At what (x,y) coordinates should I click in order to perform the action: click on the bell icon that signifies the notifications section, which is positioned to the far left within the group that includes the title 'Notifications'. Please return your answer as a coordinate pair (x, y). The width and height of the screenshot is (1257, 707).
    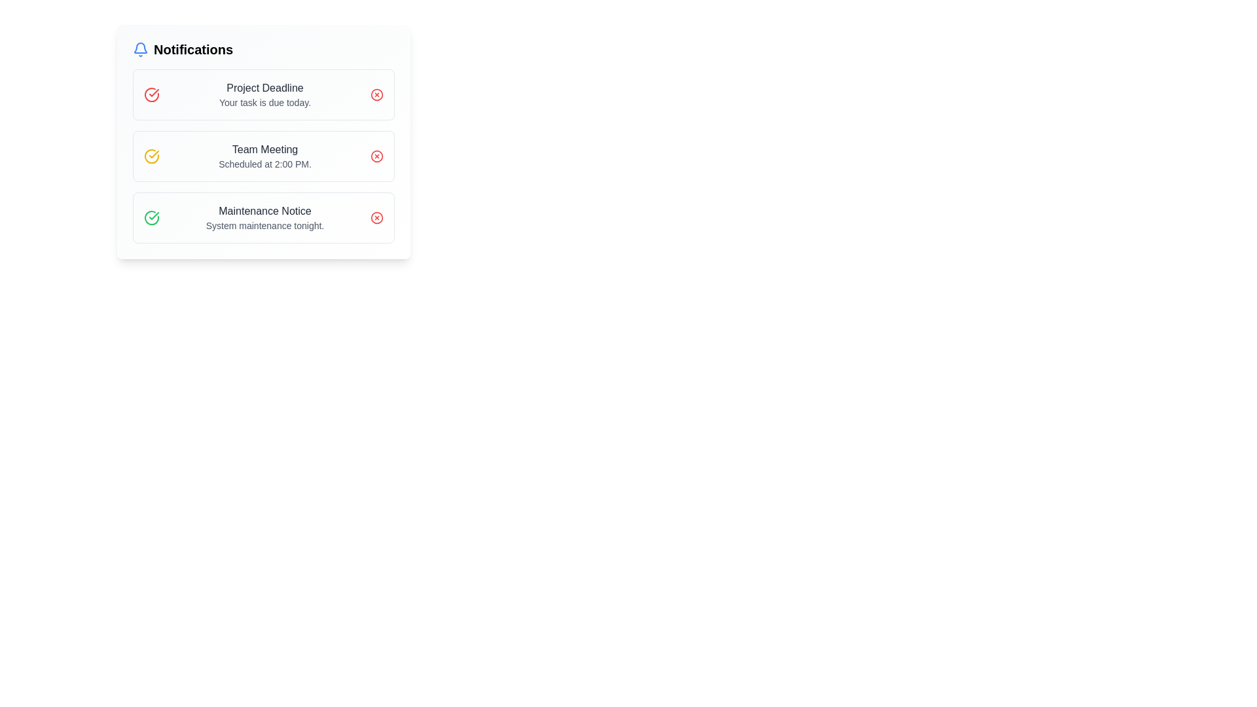
    Looking at the image, I should click on (141, 49).